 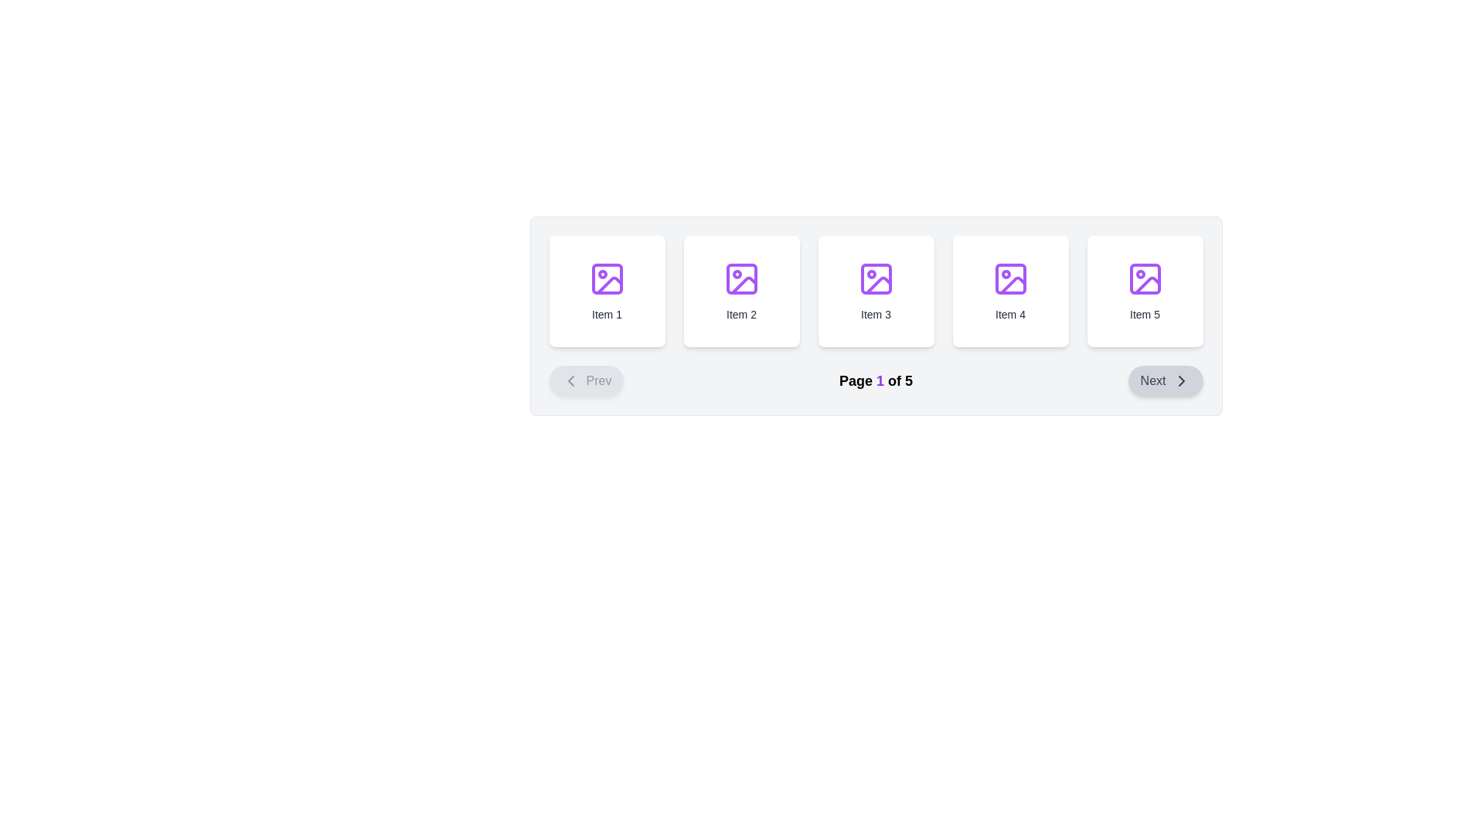 I want to click on the card labeled 'Item 3', so click(x=876, y=291).